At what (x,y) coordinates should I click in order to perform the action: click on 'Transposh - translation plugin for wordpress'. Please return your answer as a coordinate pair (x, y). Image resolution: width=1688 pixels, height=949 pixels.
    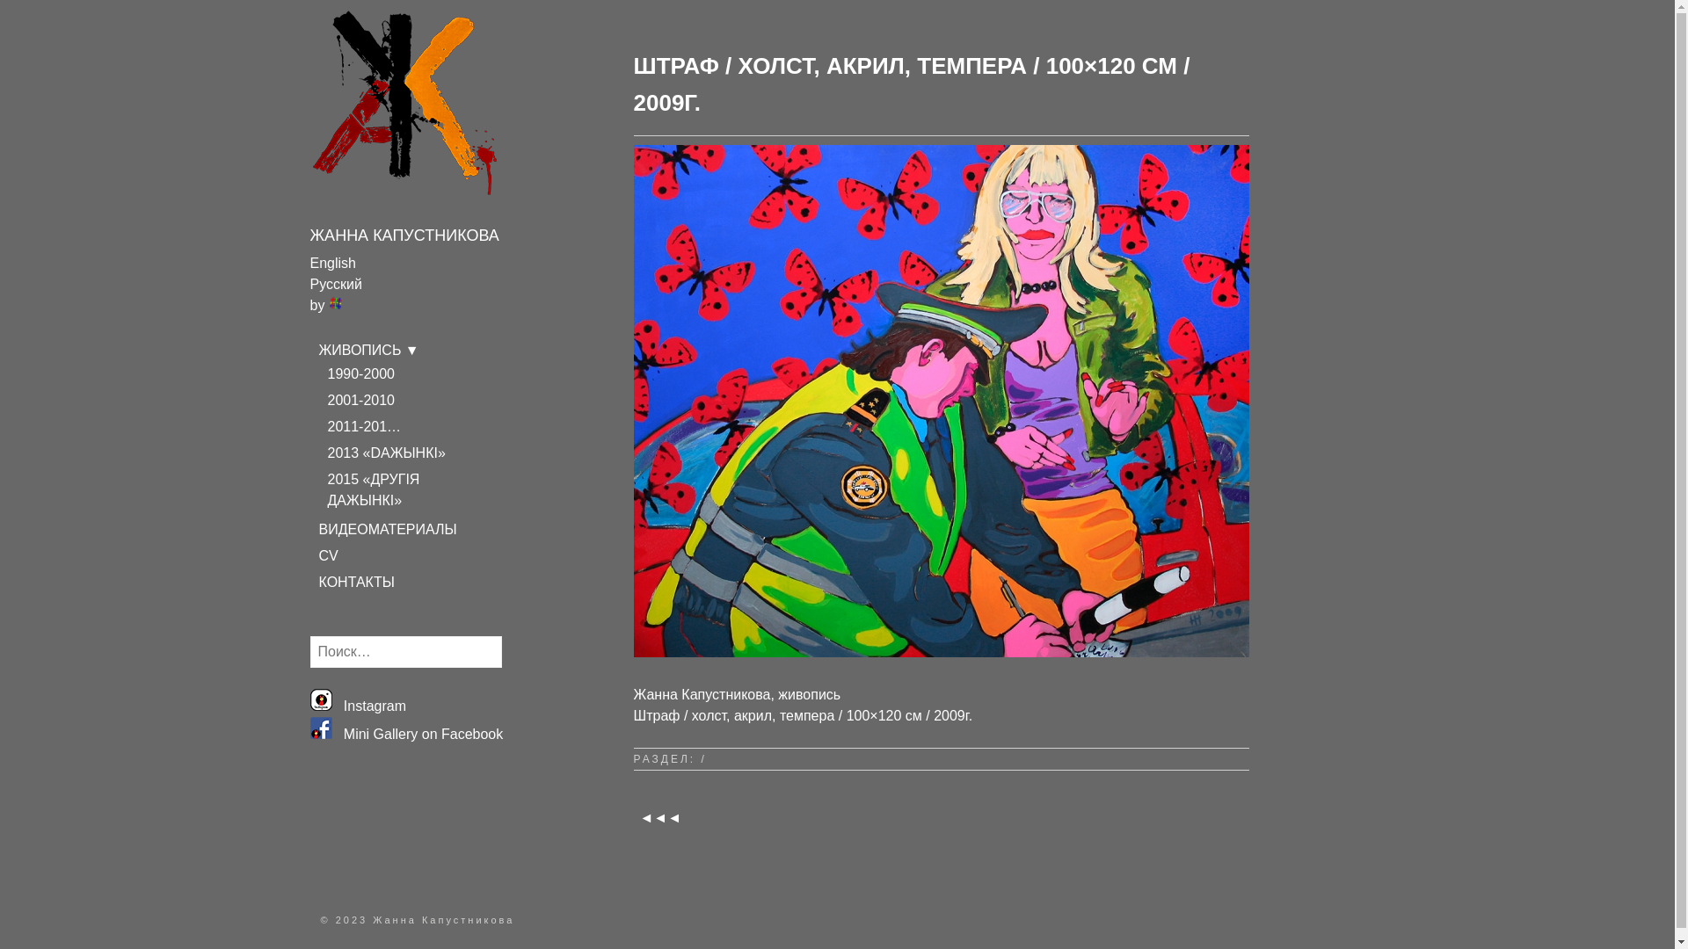
    Looking at the image, I should click on (336, 301).